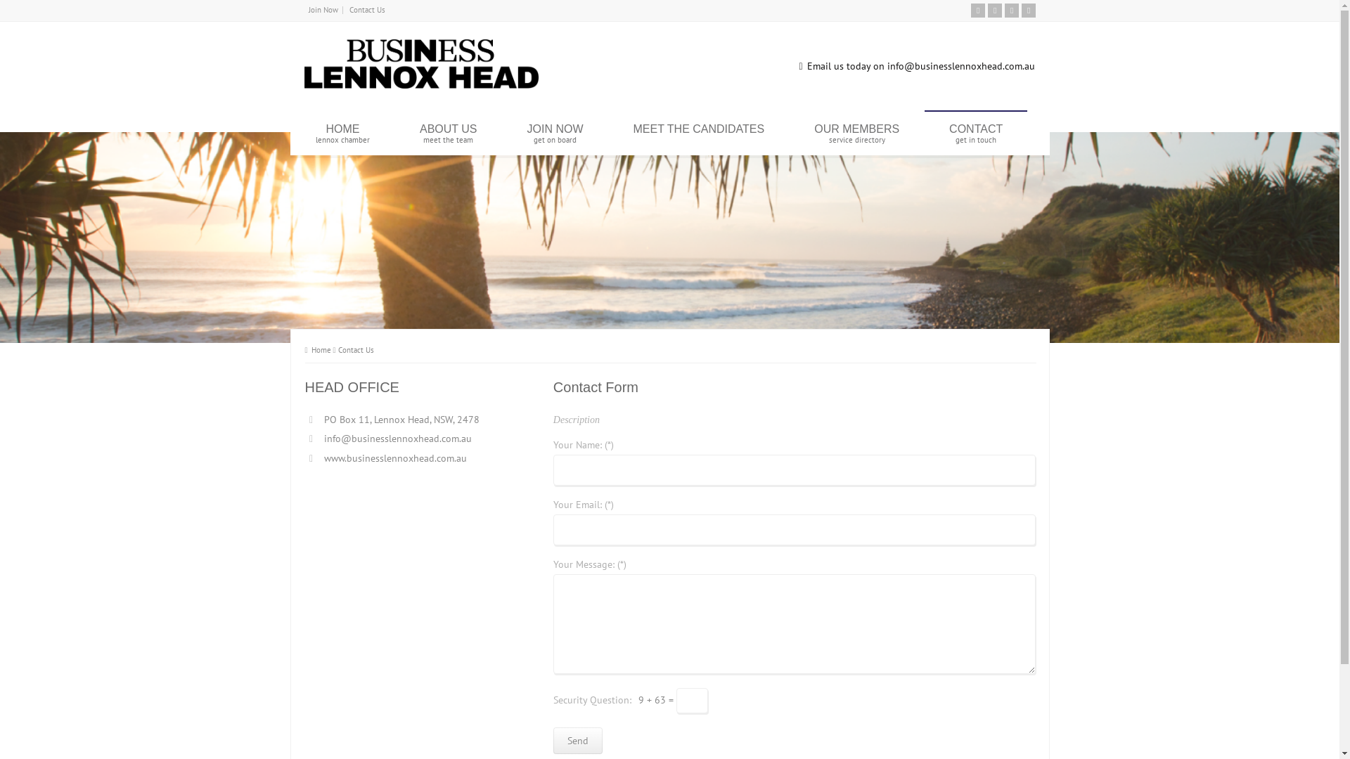 Image resolution: width=1350 pixels, height=759 pixels. Describe the element at coordinates (553, 133) in the screenshot. I see `'JOIN NOW` at that location.